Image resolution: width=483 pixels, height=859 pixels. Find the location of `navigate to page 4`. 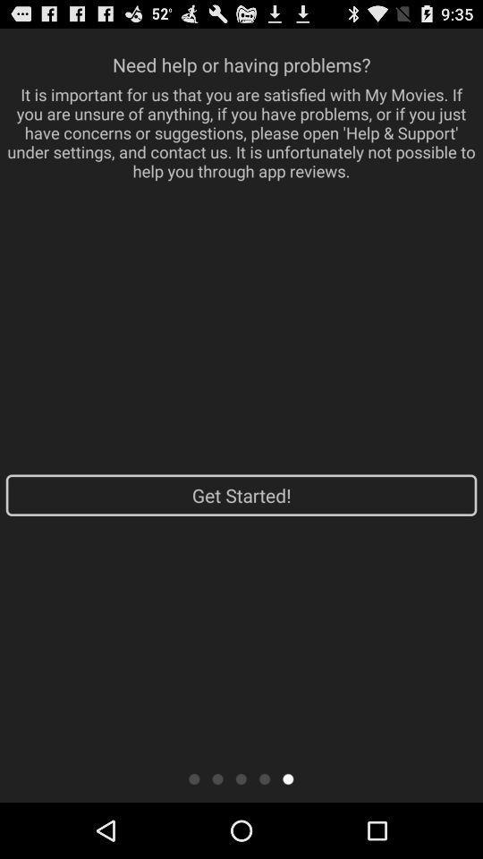

navigate to page 4 is located at coordinates (264, 778).